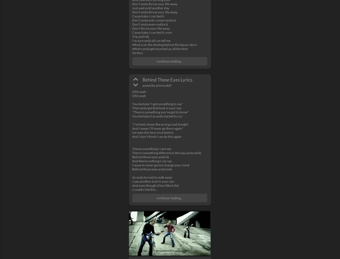 This screenshot has height=259, width=340. Describe the element at coordinates (152, 32) in the screenshot. I see `'Cause baby I can feel it, now'` at that location.